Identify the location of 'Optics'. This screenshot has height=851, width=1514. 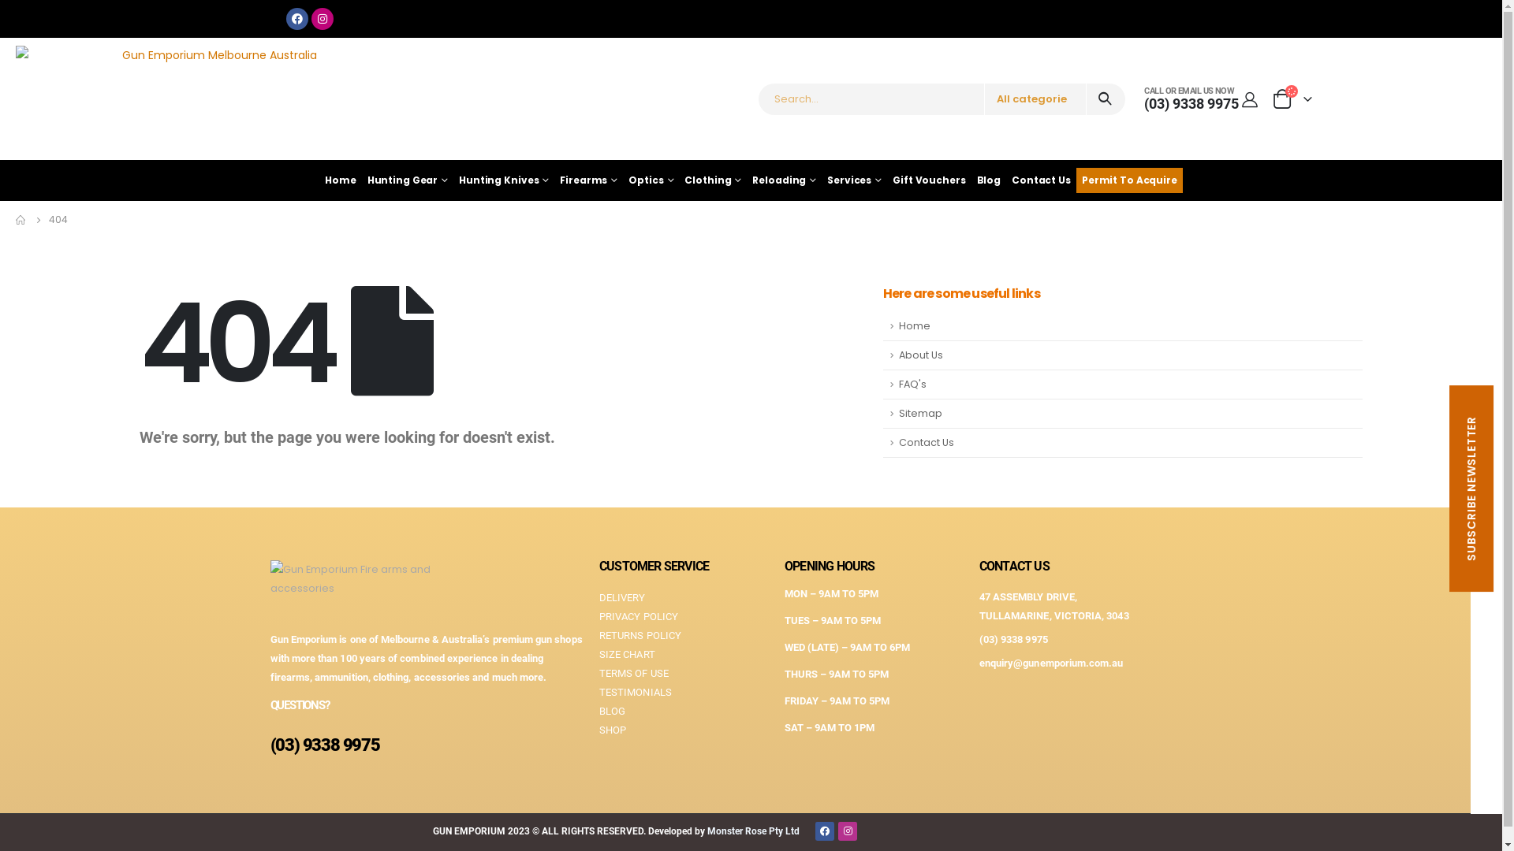
(651, 179).